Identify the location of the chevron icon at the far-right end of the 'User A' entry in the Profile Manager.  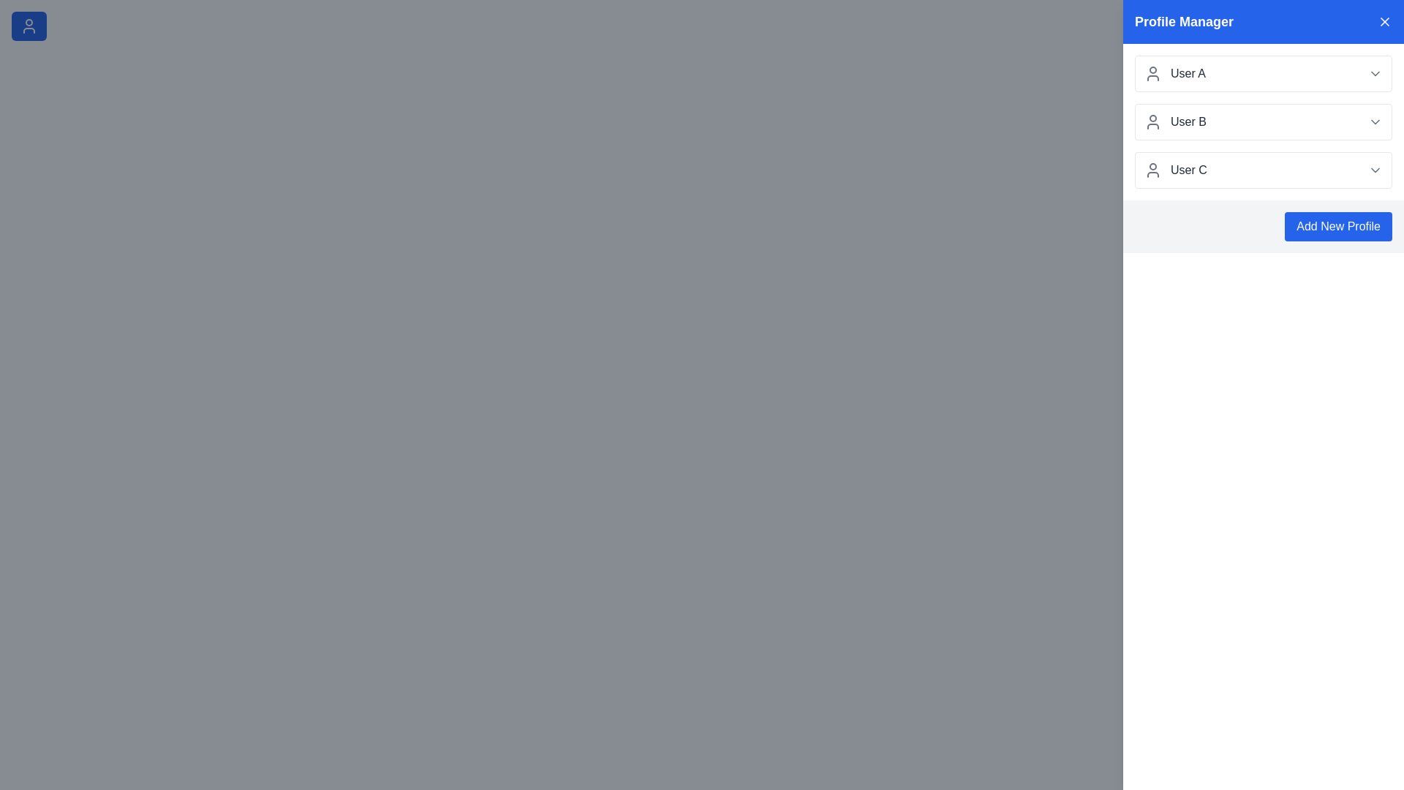
(1375, 73).